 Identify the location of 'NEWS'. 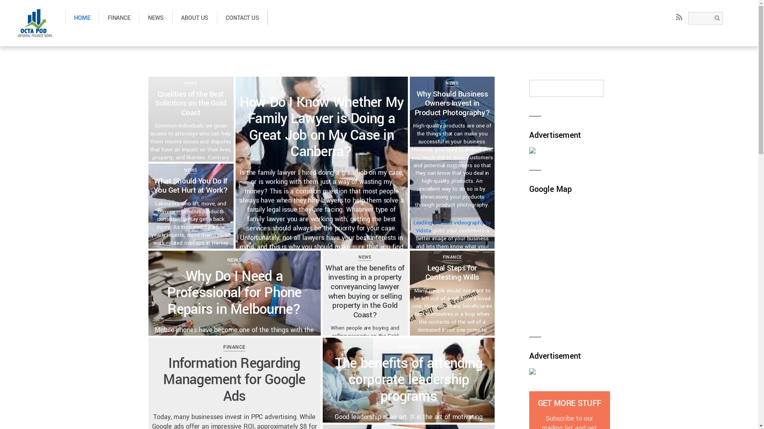
(190, 83).